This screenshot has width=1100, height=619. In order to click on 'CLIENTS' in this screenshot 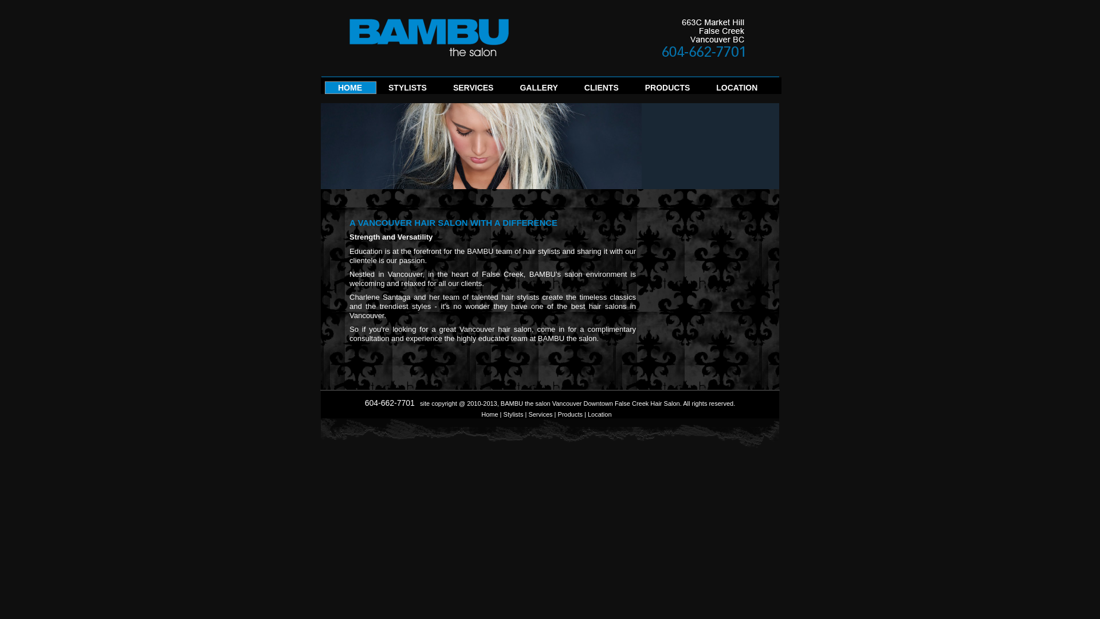, I will do `click(601, 91)`.